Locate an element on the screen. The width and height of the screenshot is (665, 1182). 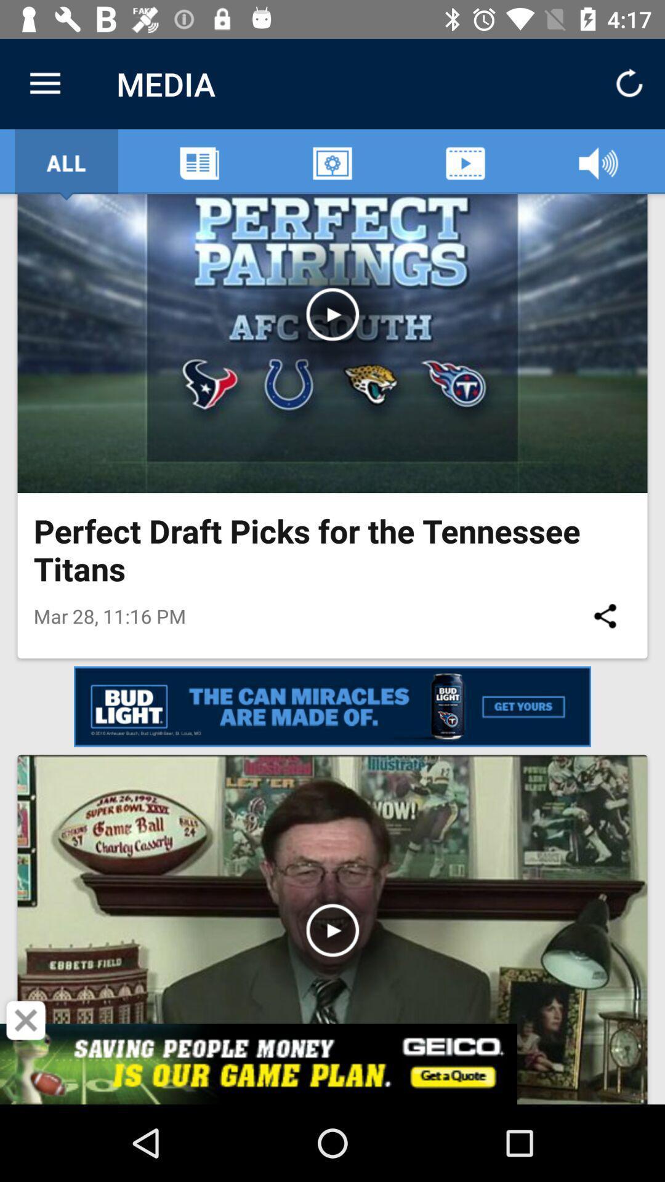
icon below perfect draft picks is located at coordinates (604, 616).